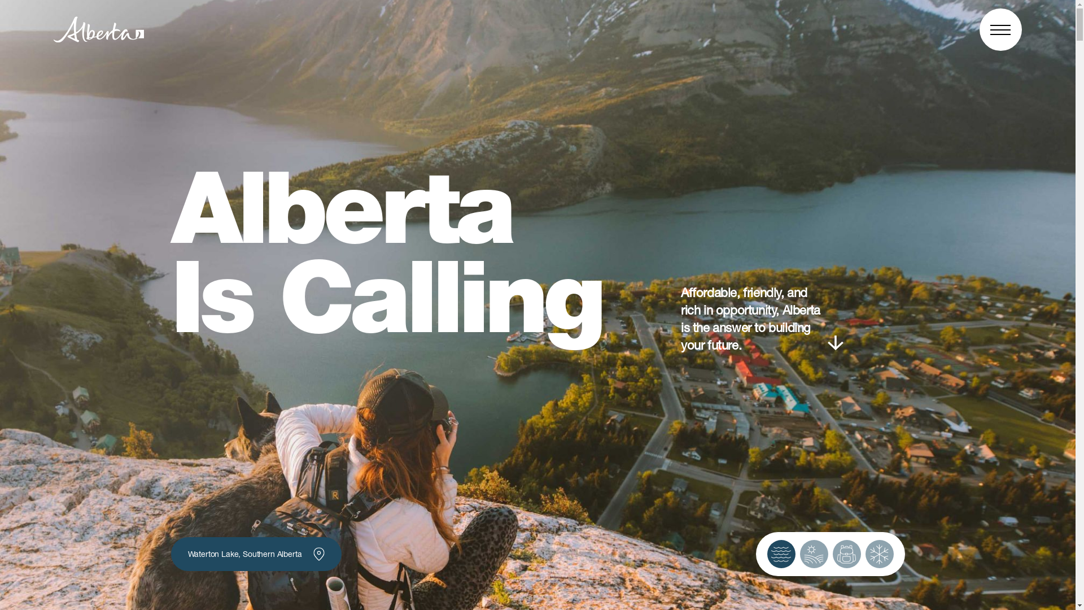 This screenshot has height=610, width=1084. I want to click on 'Toggle Spring Image', so click(780, 553).